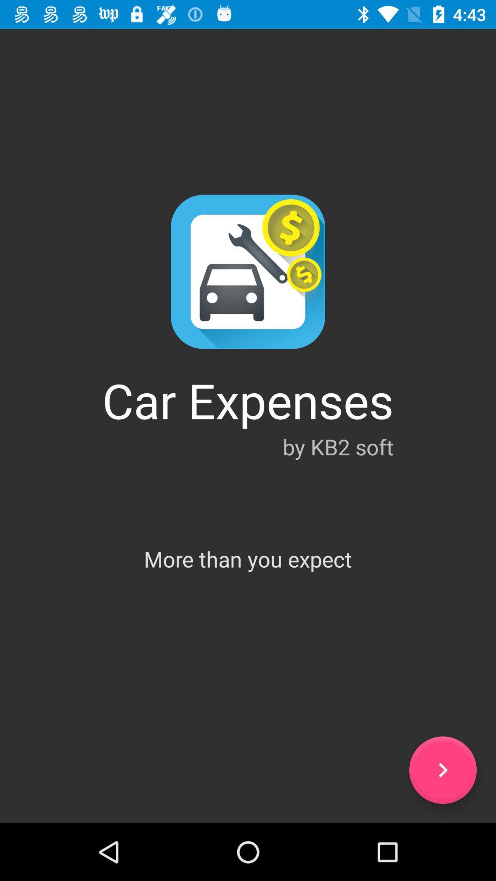 The height and width of the screenshot is (881, 496). I want to click on the arrow_forward icon, so click(442, 770).